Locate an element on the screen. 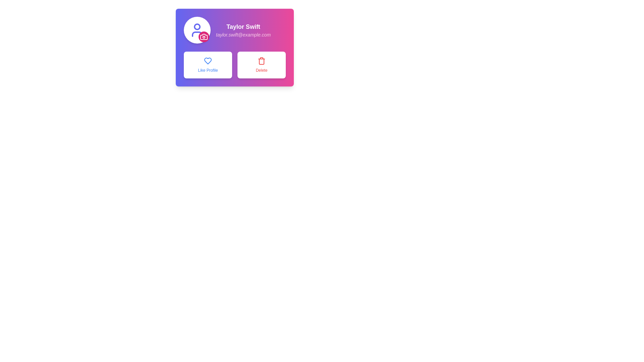 Image resolution: width=644 pixels, height=362 pixels. the heart icon within the 'Like Profile' button is located at coordinates (207, 61).